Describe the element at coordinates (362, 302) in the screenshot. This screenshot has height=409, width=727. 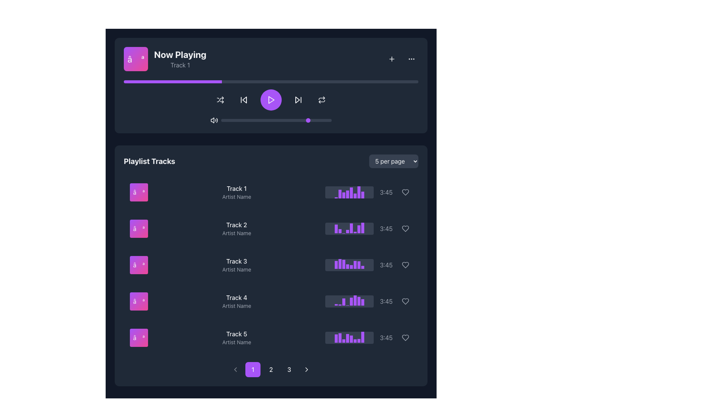
I see `the eighth and rightmost purple bar in the bar chart of the fourth track's playlist` at that location.